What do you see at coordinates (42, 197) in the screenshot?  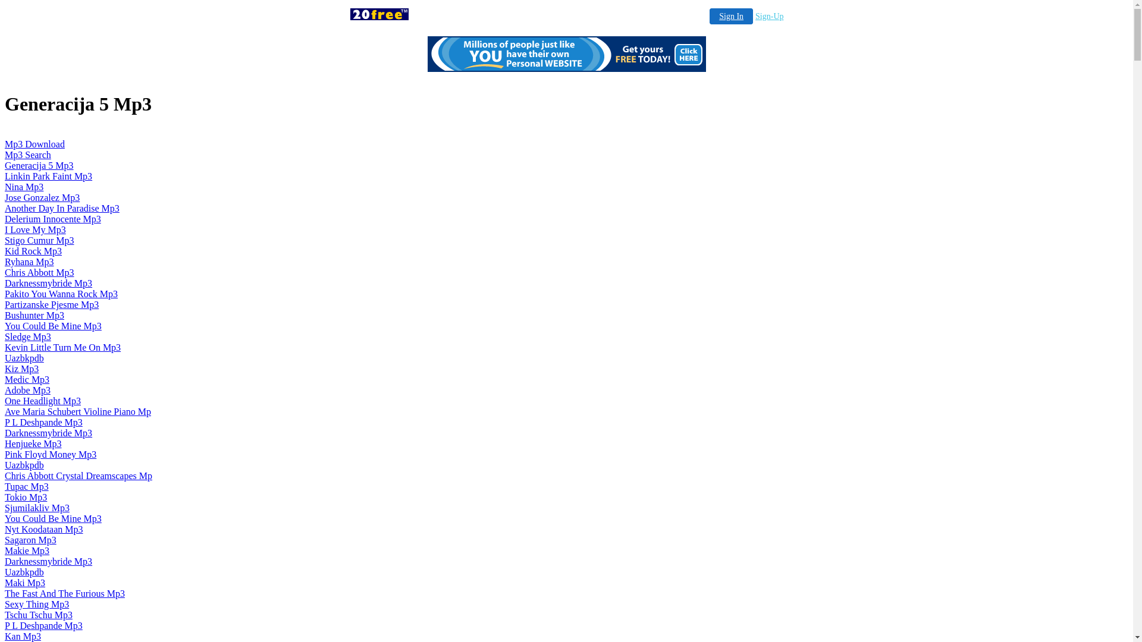 I see `'Jose Gonzalez Mp3'` at bounding box center [42, 197].